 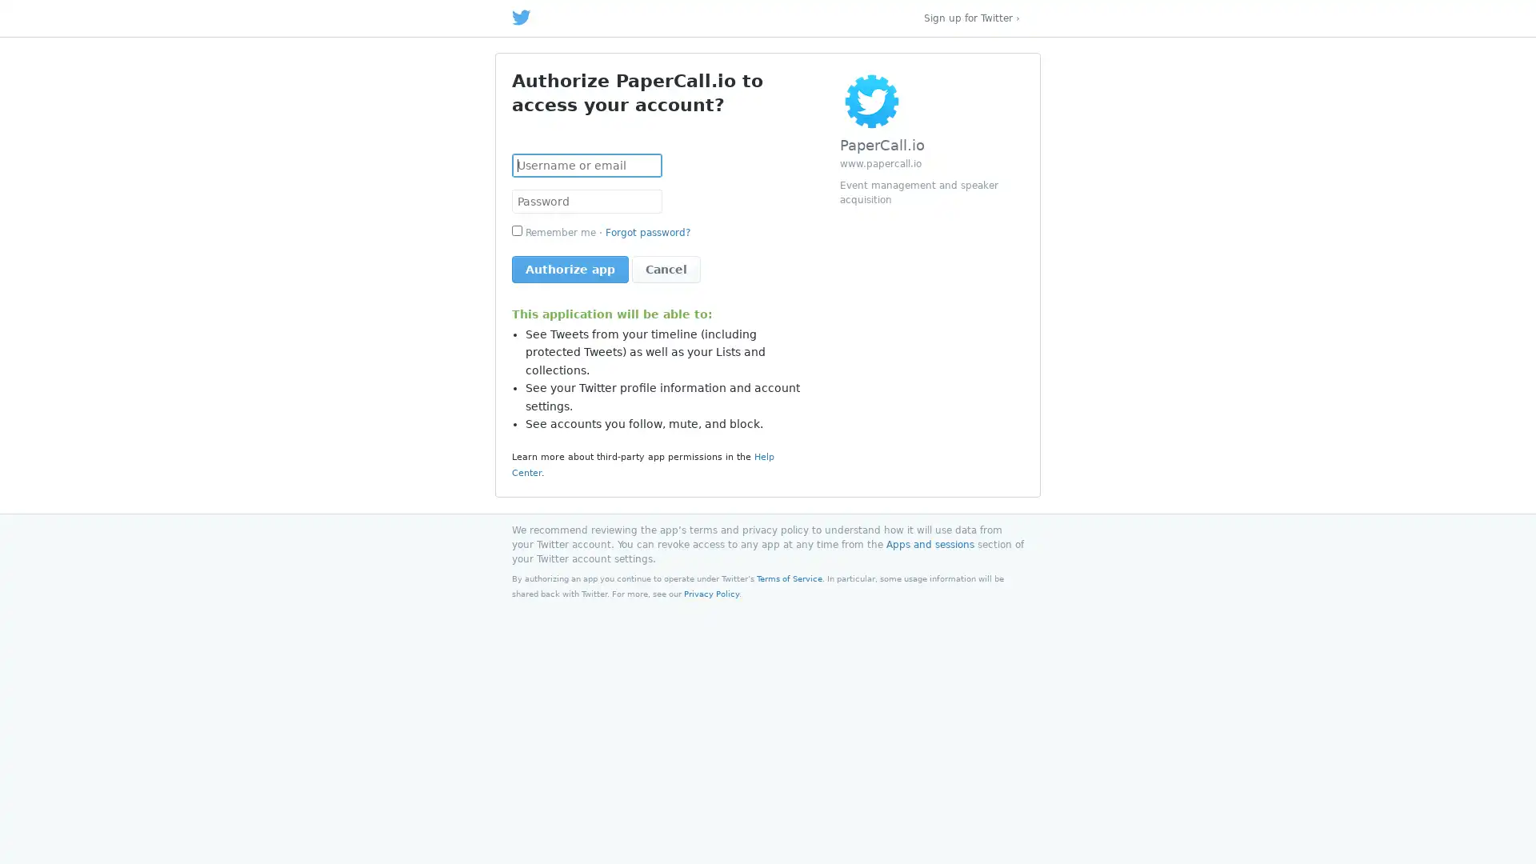 What do you see at coordinates (570, 268) in the screenshot?
I see `Authorize app` at bounding box center [570, 268].